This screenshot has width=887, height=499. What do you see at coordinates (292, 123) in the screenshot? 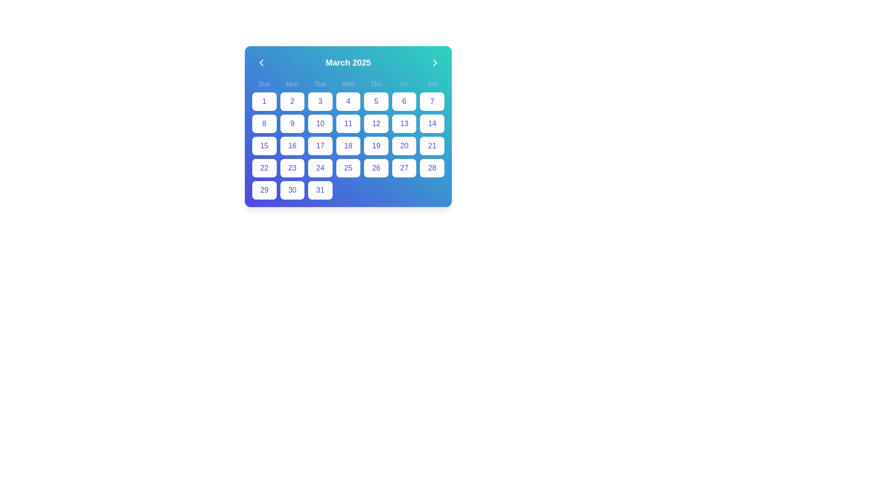
I see `the button representing the 9th day of the month in the calendar grid under the 'Mon' column` at bounding box center [292, 123].